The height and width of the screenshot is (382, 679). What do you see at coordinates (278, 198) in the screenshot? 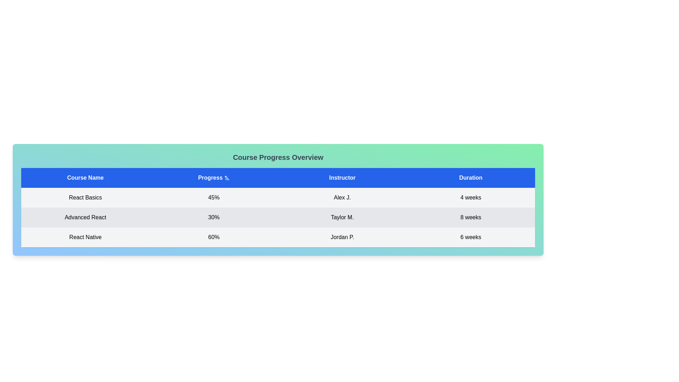
I see `the first row in the course information table that displays the course name 'React Basics', progress percentage '45%', instructor's name 'Alex J.', and course duration '4 weeks'` at bounding box center [278, 198].